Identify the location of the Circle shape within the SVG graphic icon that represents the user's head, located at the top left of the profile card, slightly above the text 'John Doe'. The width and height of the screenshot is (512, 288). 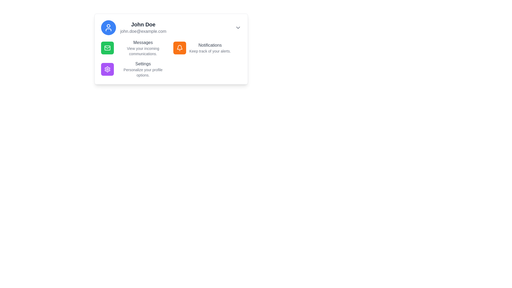
(108, 26).